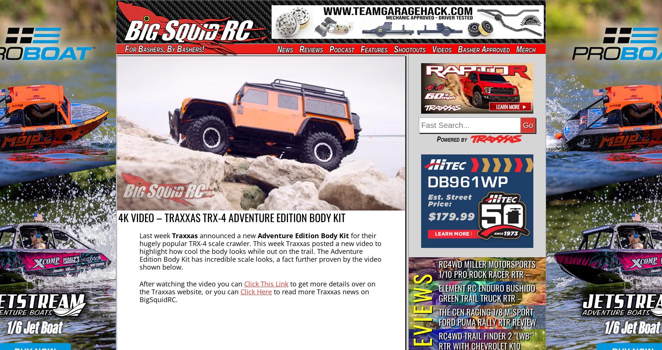  What do you see at coordinates (277, 49) in the screenshot?
I see `'News'` at bounding box center [277, 49].